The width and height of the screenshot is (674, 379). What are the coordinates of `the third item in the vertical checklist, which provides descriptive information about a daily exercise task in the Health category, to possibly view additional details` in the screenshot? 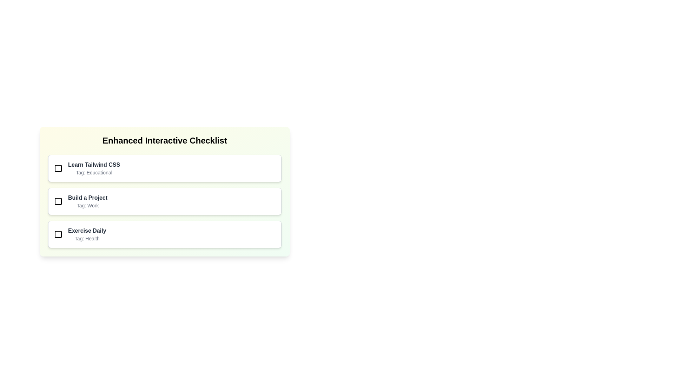 It's located at (87, 234).